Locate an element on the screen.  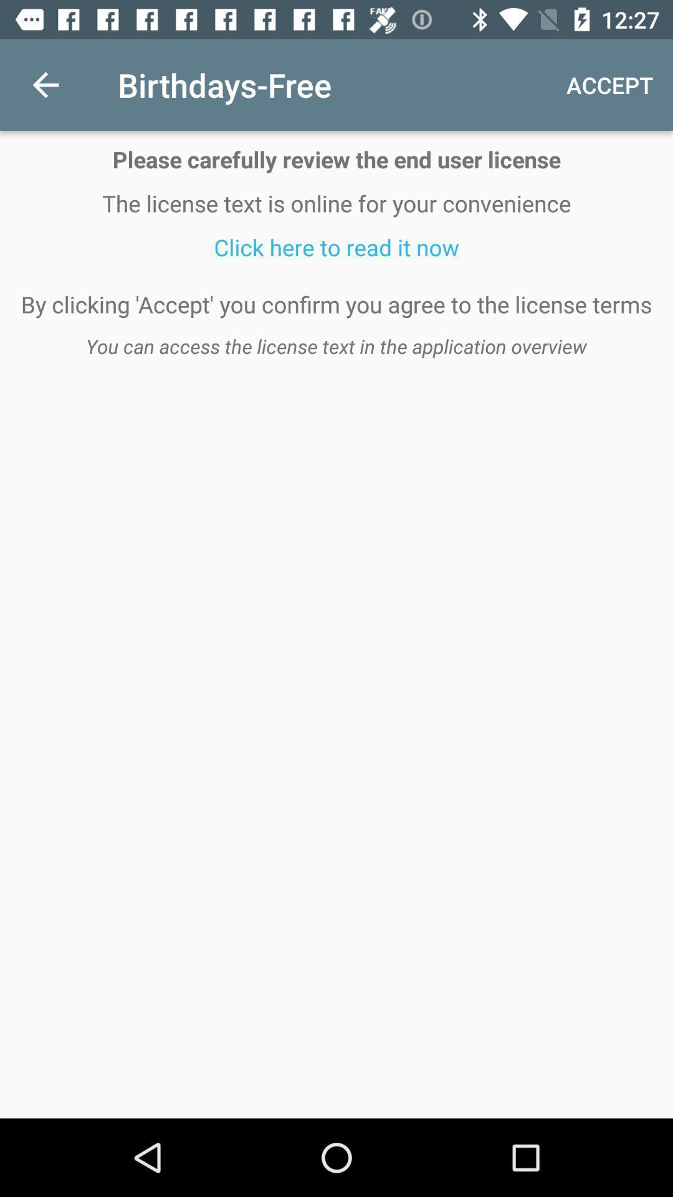
icon next to birthdays-free item is located at coordinates (45, 84).